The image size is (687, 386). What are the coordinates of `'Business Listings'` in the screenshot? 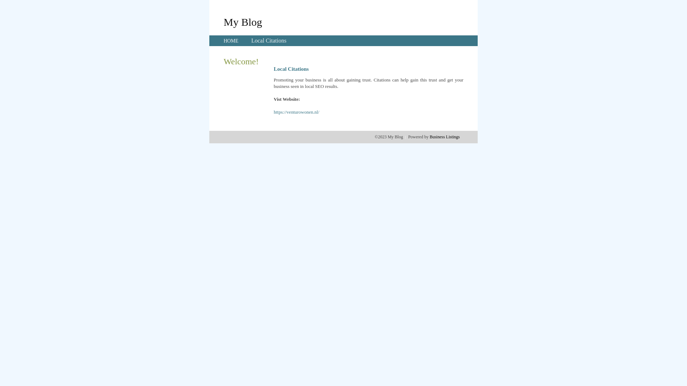 It's located at (444, 137).